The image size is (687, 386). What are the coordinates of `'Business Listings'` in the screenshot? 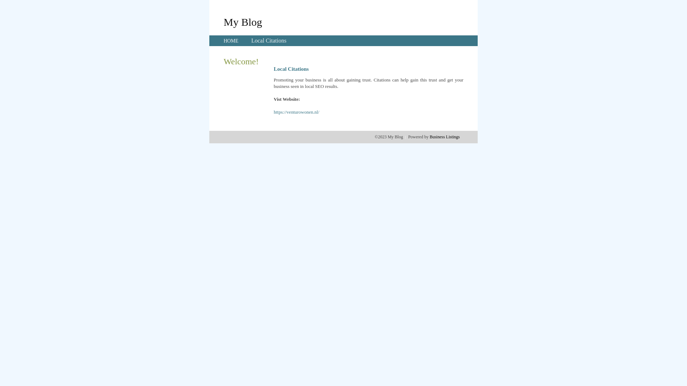 It's located at (444, 137).